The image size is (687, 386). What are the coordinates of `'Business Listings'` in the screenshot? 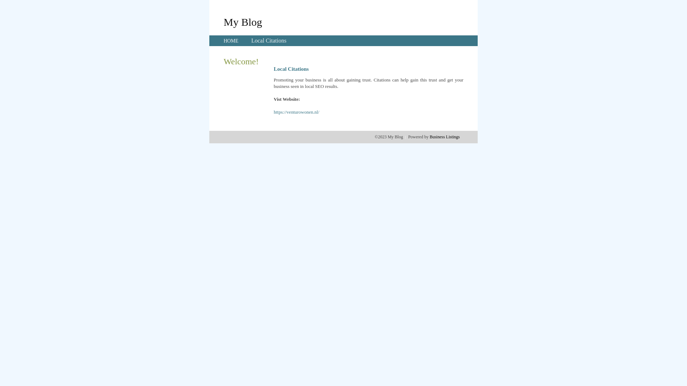 It's located at (444, 137).